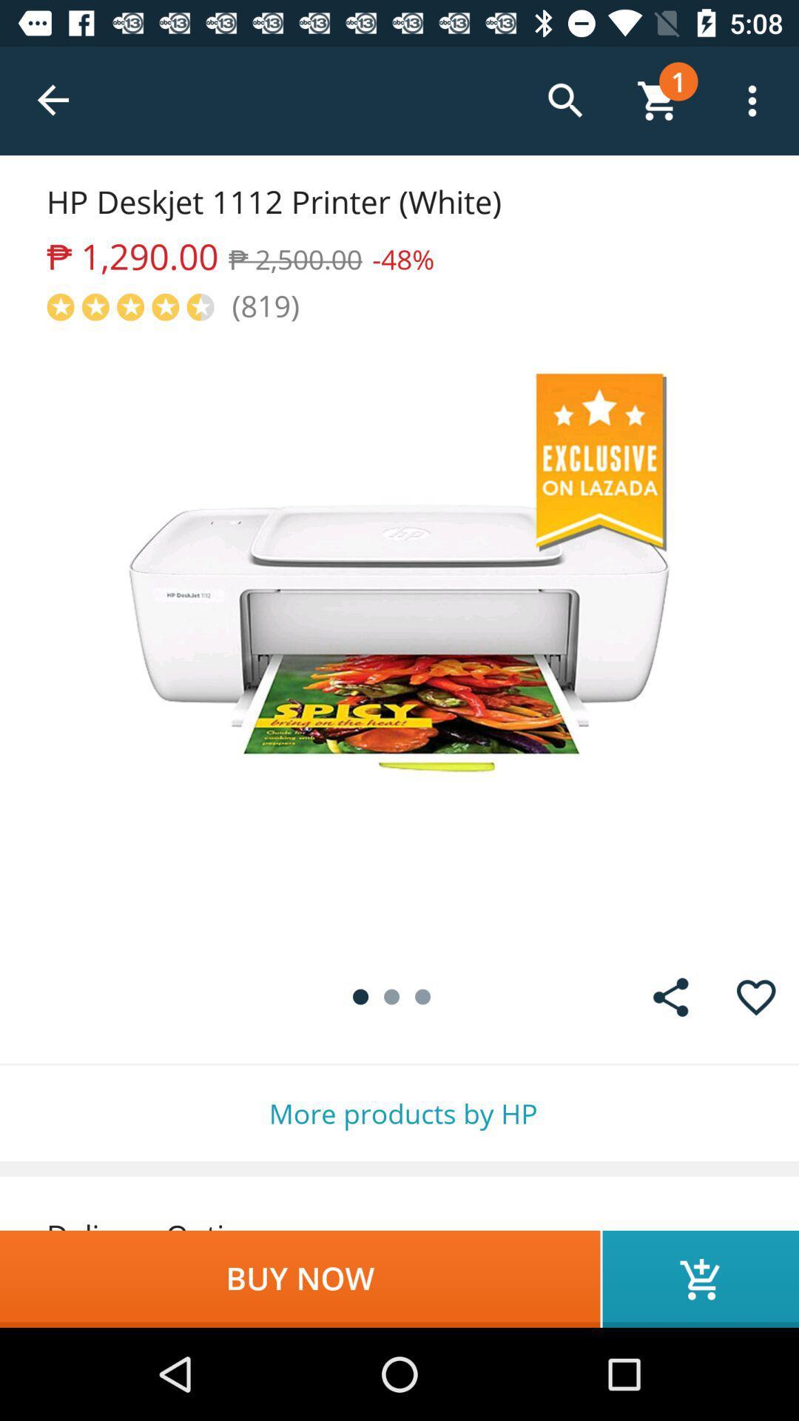 The width and height of the screenshot is (799, 1421). Describe the element at coordinates (399, 639) in the screenshot. I see `the icon below the (819) item` at that location.